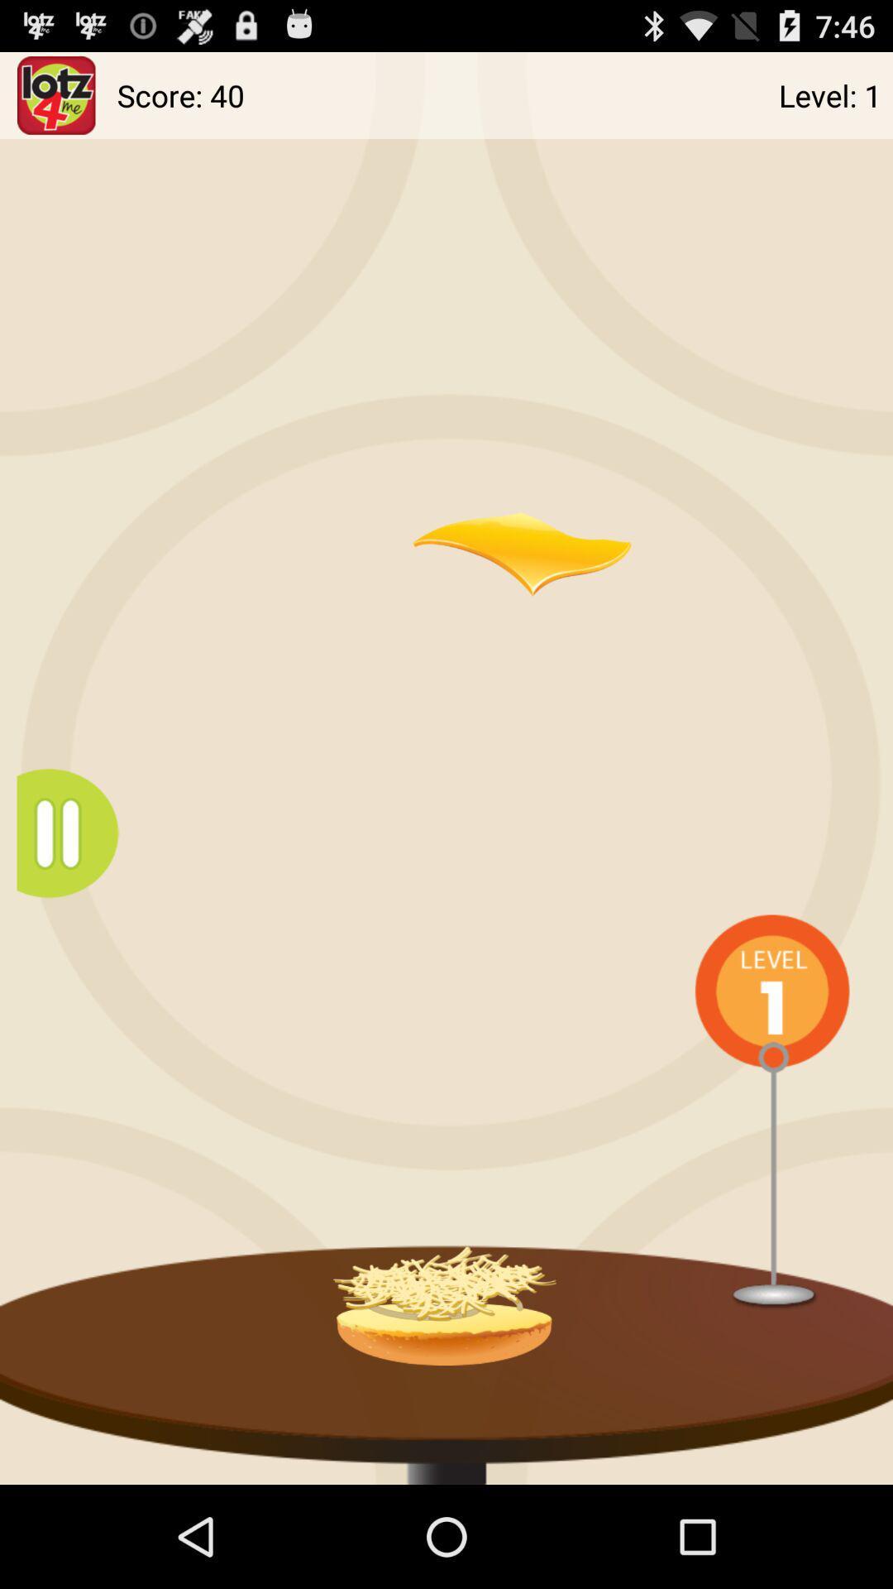 Image resolution: width=893 pixels, height=1589 pixels. I want to click on app to the left of score: 40, so click(55, 94).